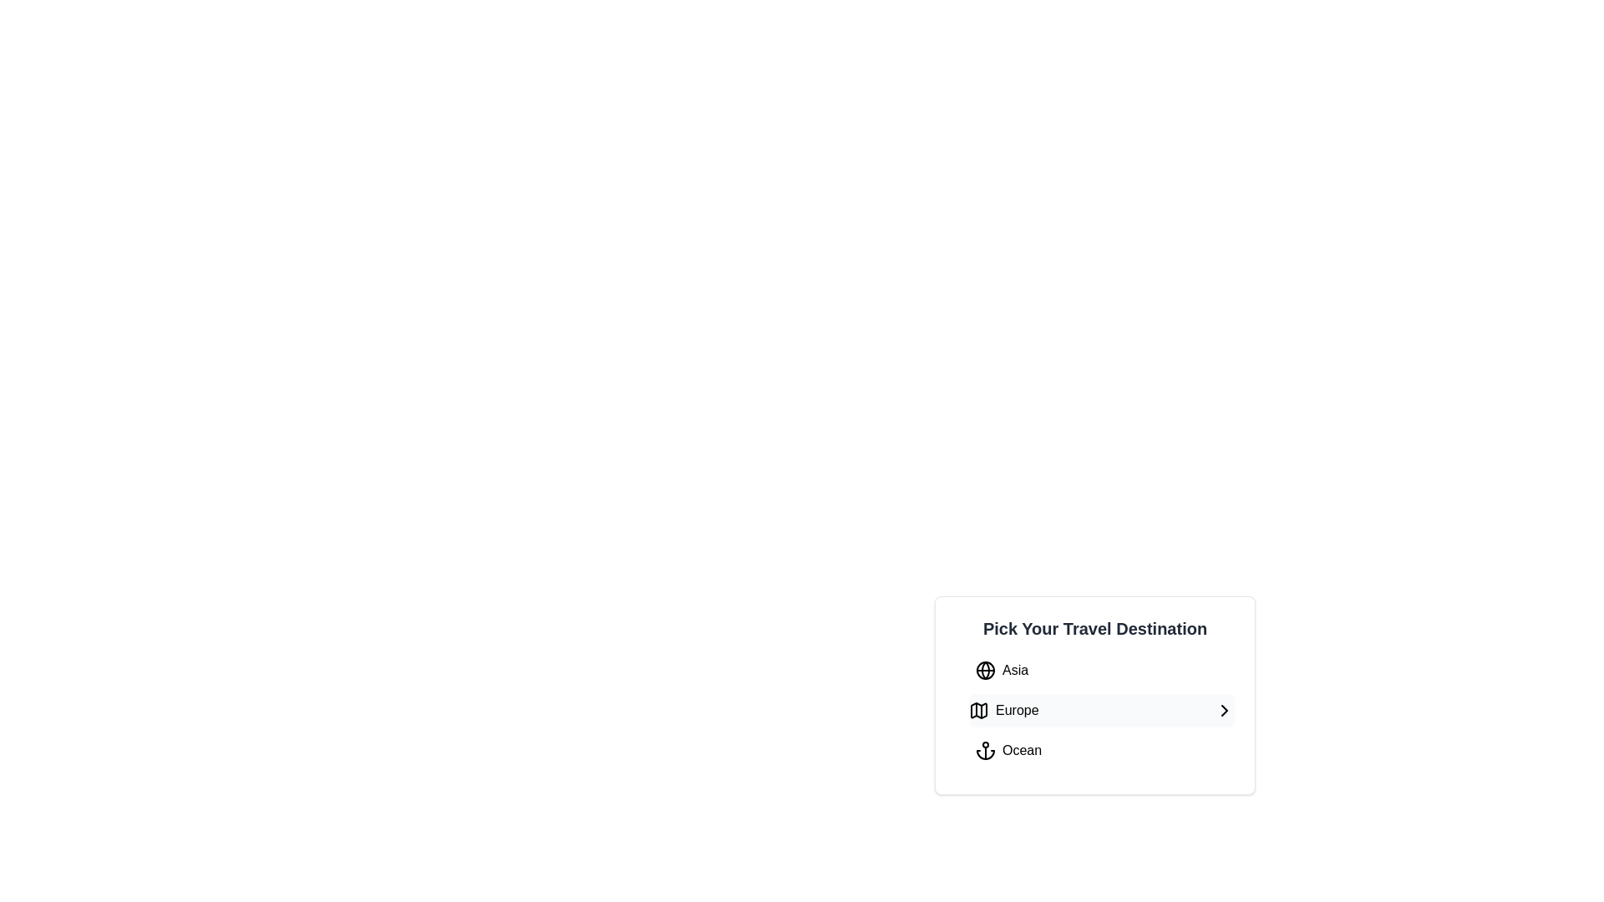 The width and height of the screenshot is (1604, 902). Describe the element at coordinates (1094, 628) in the screenshot. I see `the static text label that serves as a header for the travel destination selection card, positioned at the top of the white rectangular card` at that location.